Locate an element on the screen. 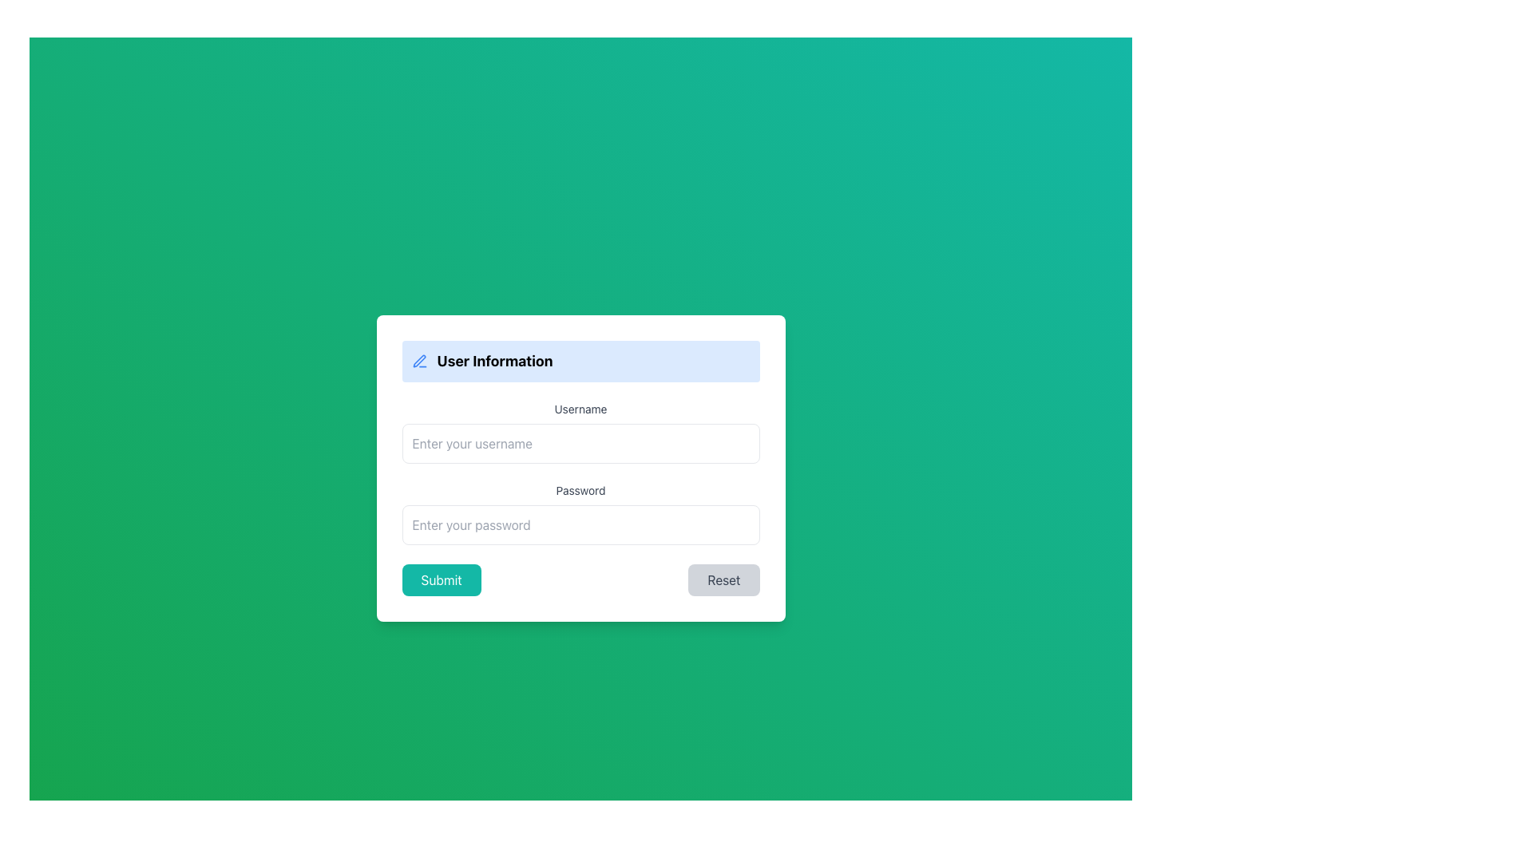 Image resolution: width=1533 pixels, height=862 pixels. the small blue pen icon located to the left of the 'User Information' title in the header section is located at coordinates (419, 361).